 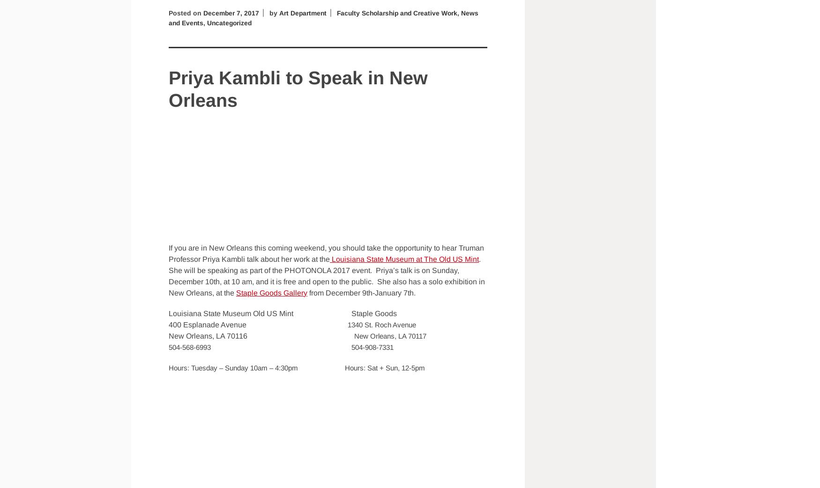 I want to click on 'Hours: Tuesday – Sunday 10am – 4:30pm', so click(x=256, y=367).